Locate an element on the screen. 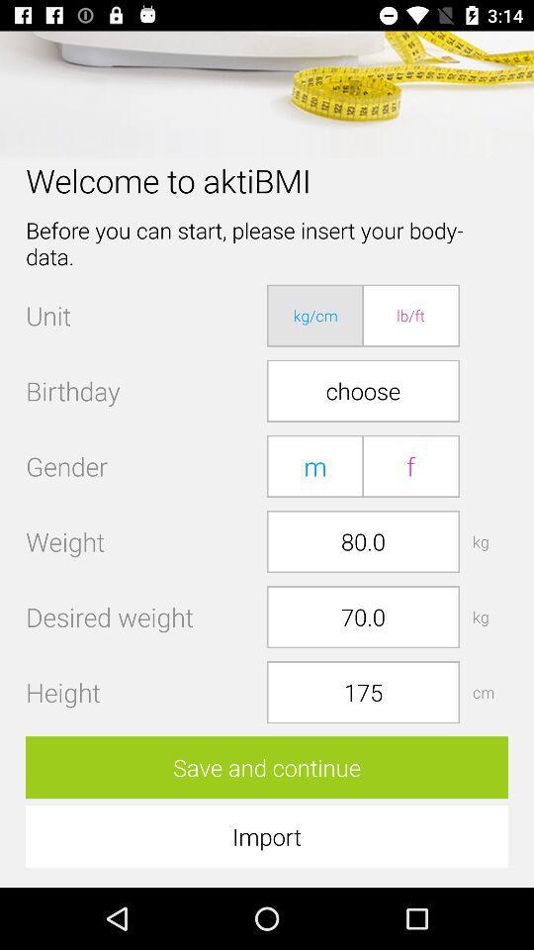  the lb/ft is located at coordinates (409, 316).